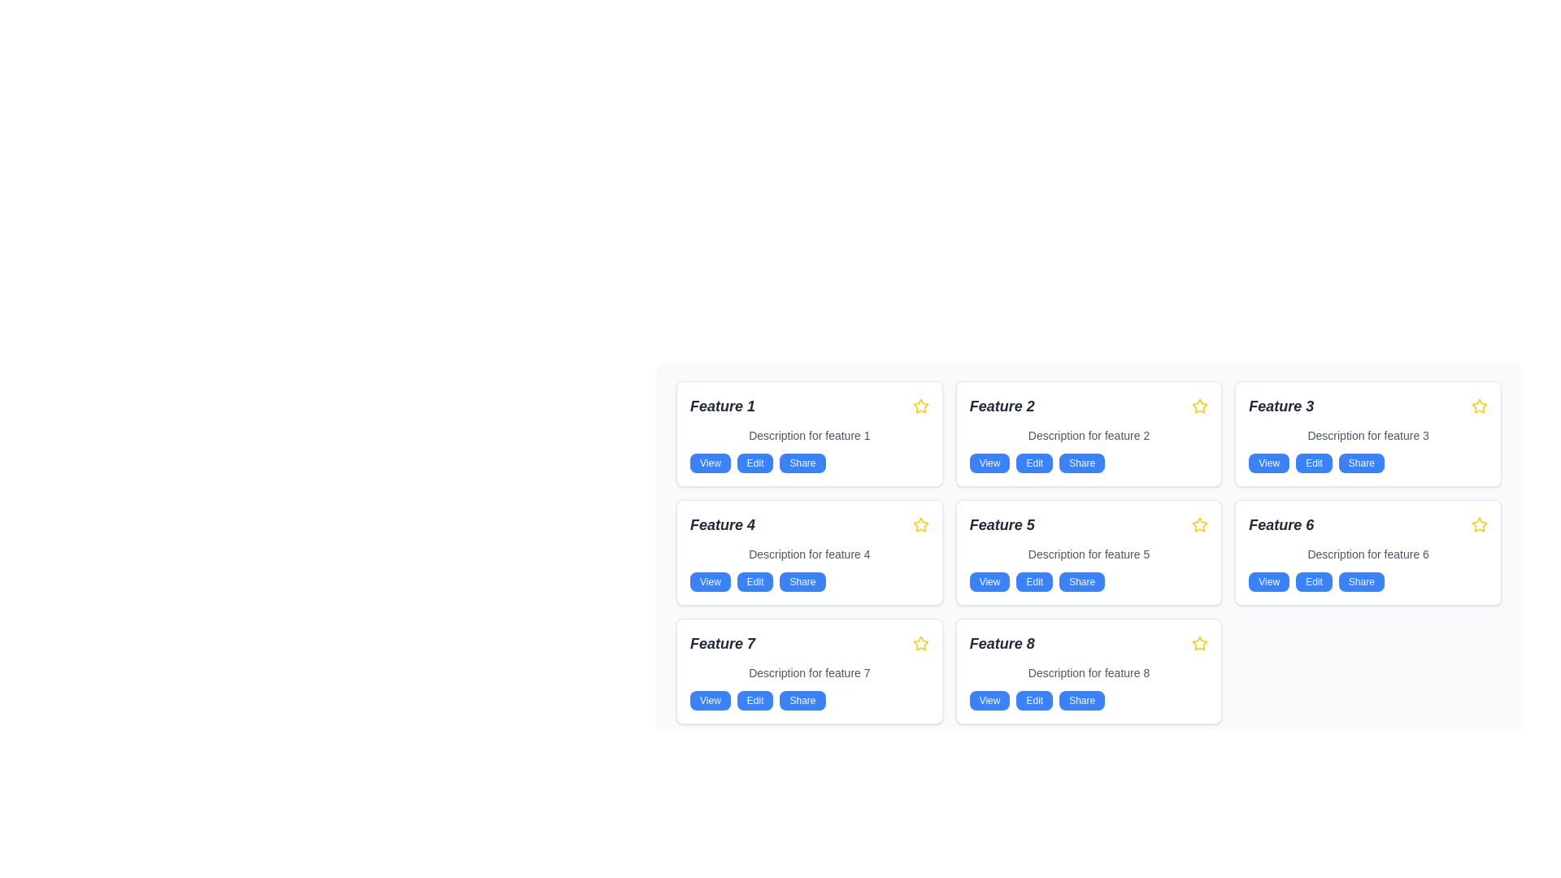 The image size is (1561, 878). What do you see at coordinates (989, 581) in the screenshot?
I see `the leftmost button labeled 'View' in the group of buttons for 'Feature 5' to change its appearance` at bounding box center [989, 581].